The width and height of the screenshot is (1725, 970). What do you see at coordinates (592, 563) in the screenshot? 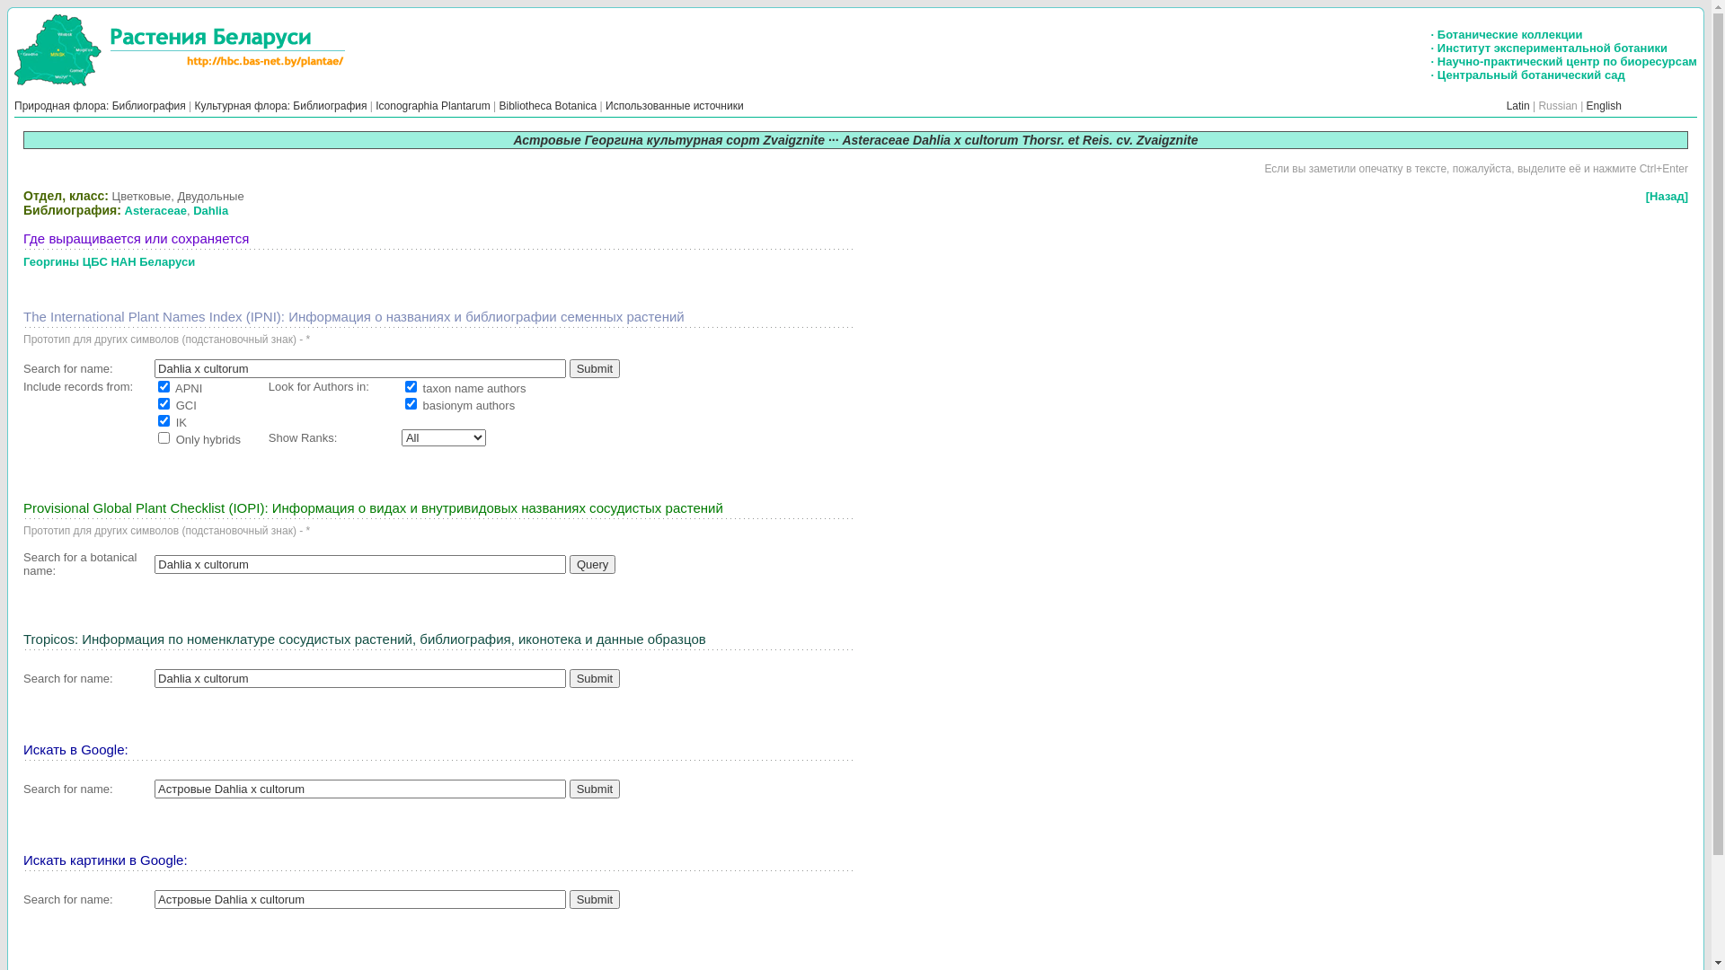
I see `'Query'` at bounding box center [592, 563].